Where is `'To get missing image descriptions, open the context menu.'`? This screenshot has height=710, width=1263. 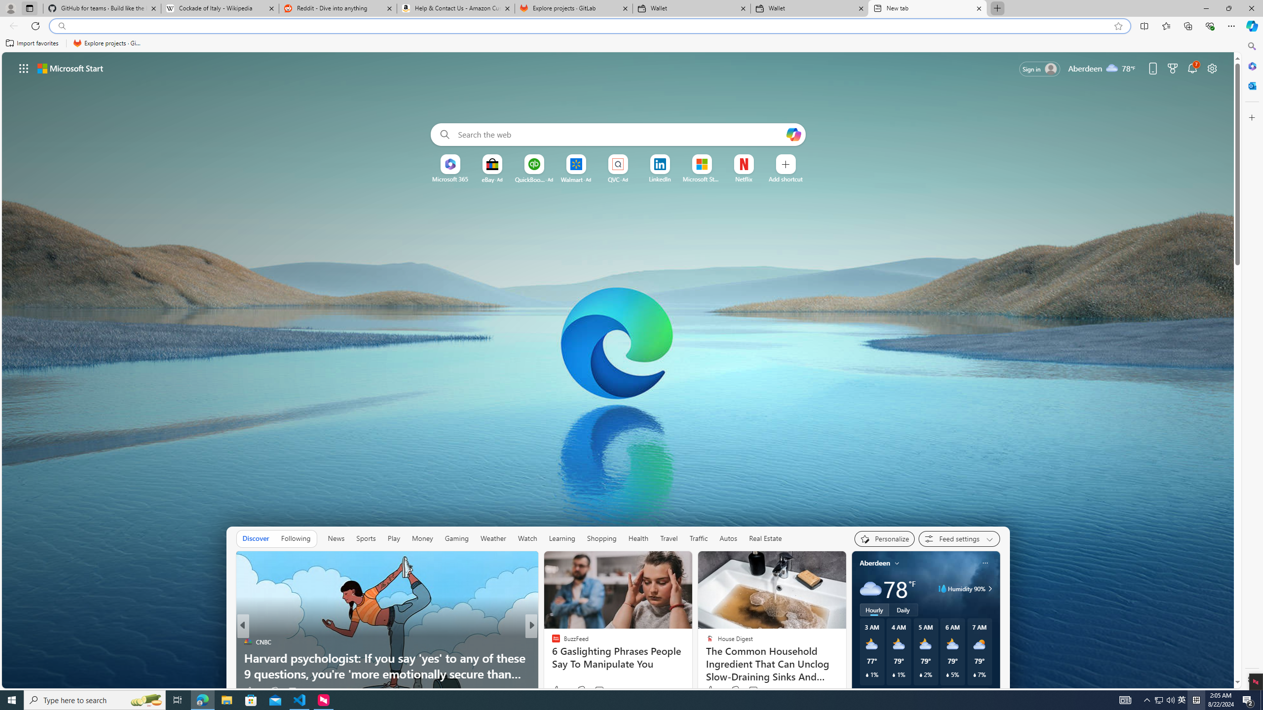 'To get missing image descriptions, open the context menu.' is located at coordinates (450, 164).